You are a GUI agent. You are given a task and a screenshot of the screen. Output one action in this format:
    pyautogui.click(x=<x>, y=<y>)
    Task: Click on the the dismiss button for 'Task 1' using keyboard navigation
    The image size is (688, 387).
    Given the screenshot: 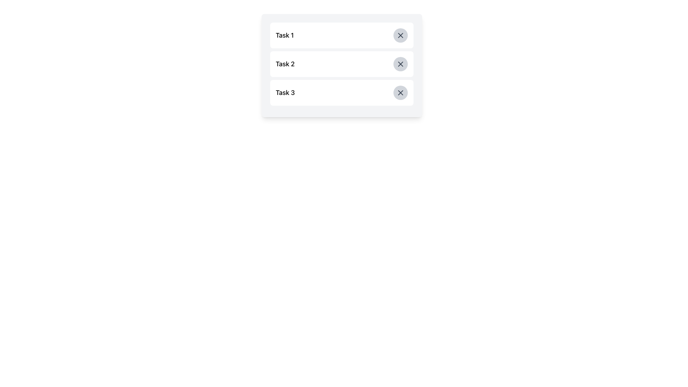 What is the action you would take?
    pyautogui.click(x=400, y=35)
    